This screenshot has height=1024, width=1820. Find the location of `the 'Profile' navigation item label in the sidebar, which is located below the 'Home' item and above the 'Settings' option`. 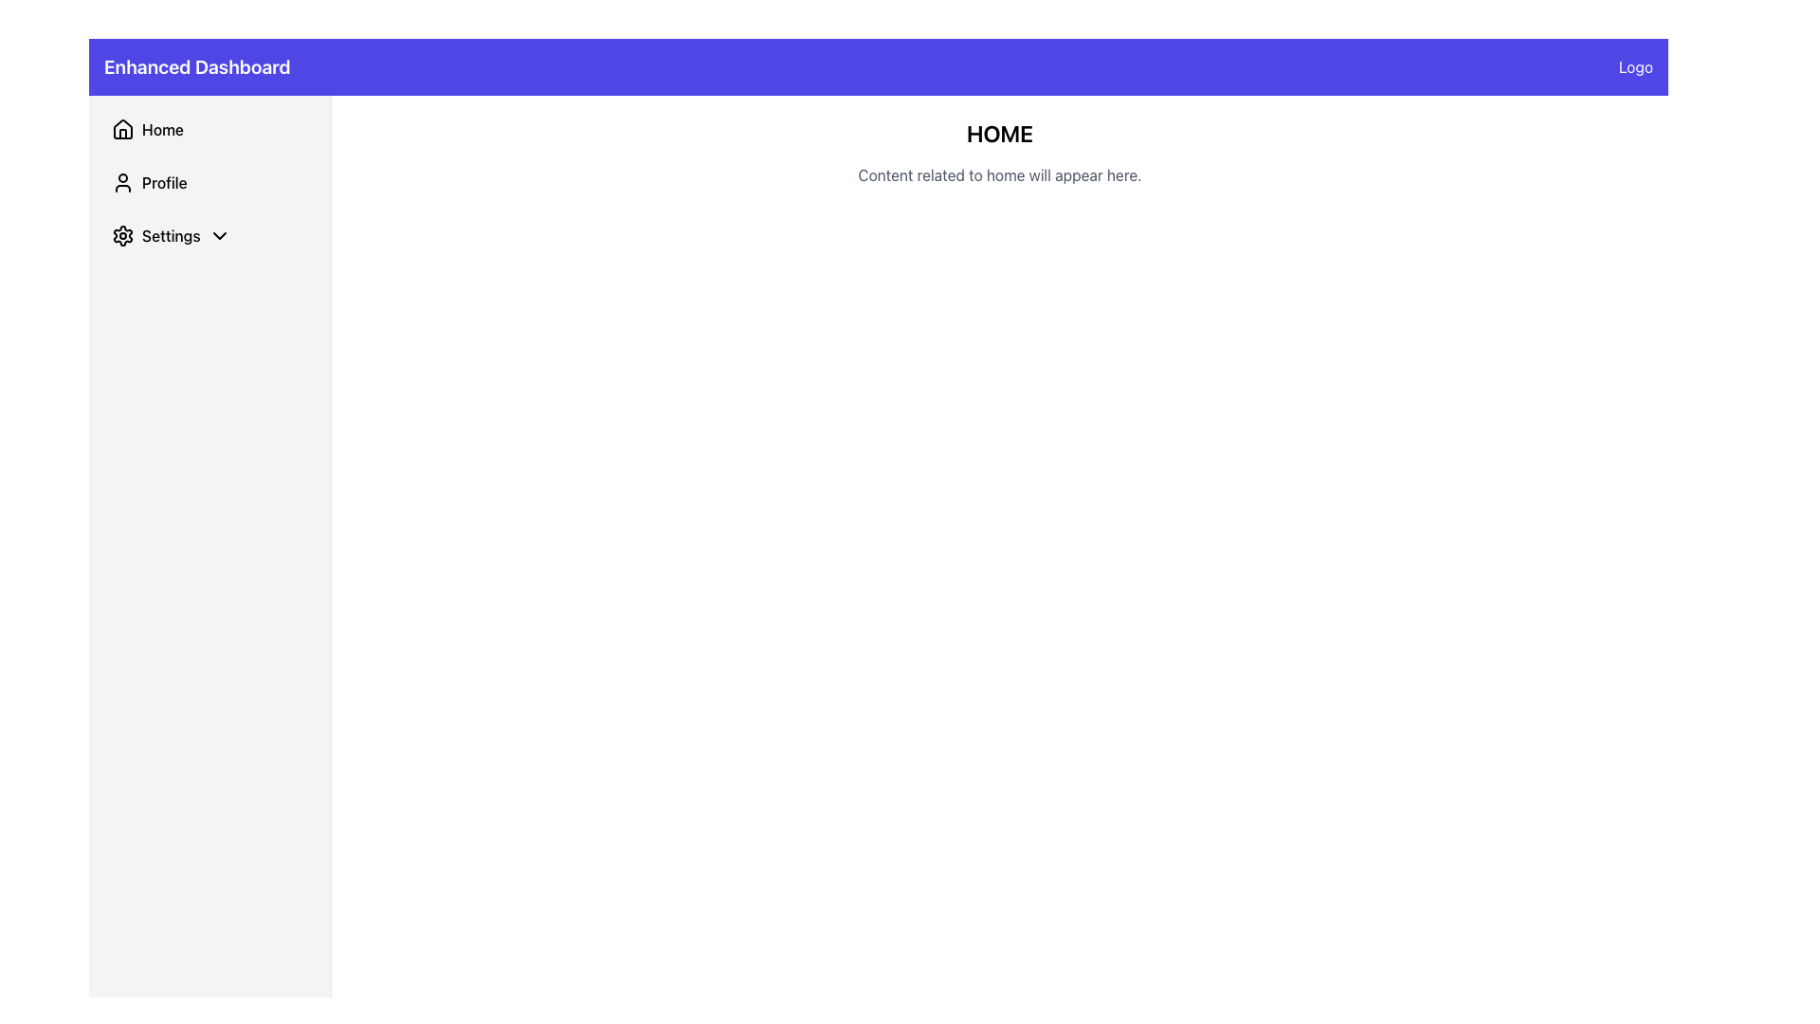

the 'Profile' navigation item label in the sidebar, which is located below the 'Home' item and above the 'Settings' option is located at coordinates (164, 182).